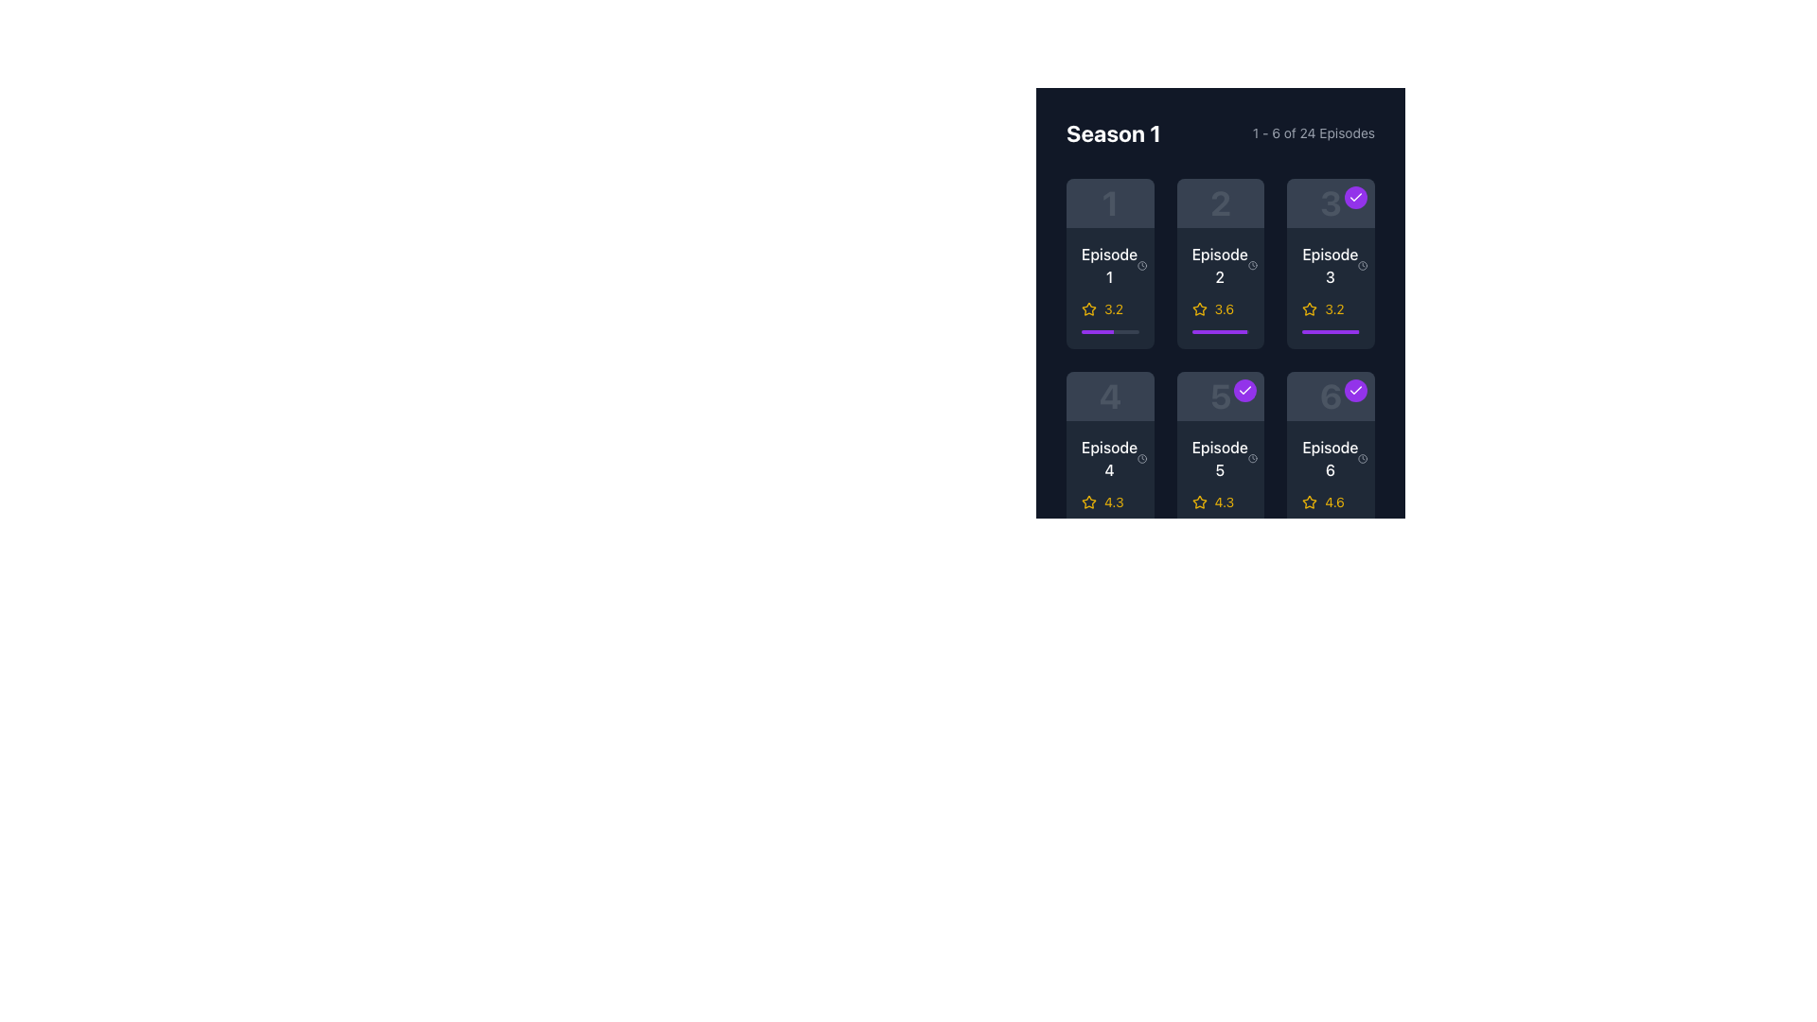 This screenshot has height=1022, width=1817. Describe the element at coordinates (1330, 459) in the screenshot. I see `the static text label indicating 'Episode 6' within the card-like UI element, positioned in the bottom-right of the grid layout` at that location.